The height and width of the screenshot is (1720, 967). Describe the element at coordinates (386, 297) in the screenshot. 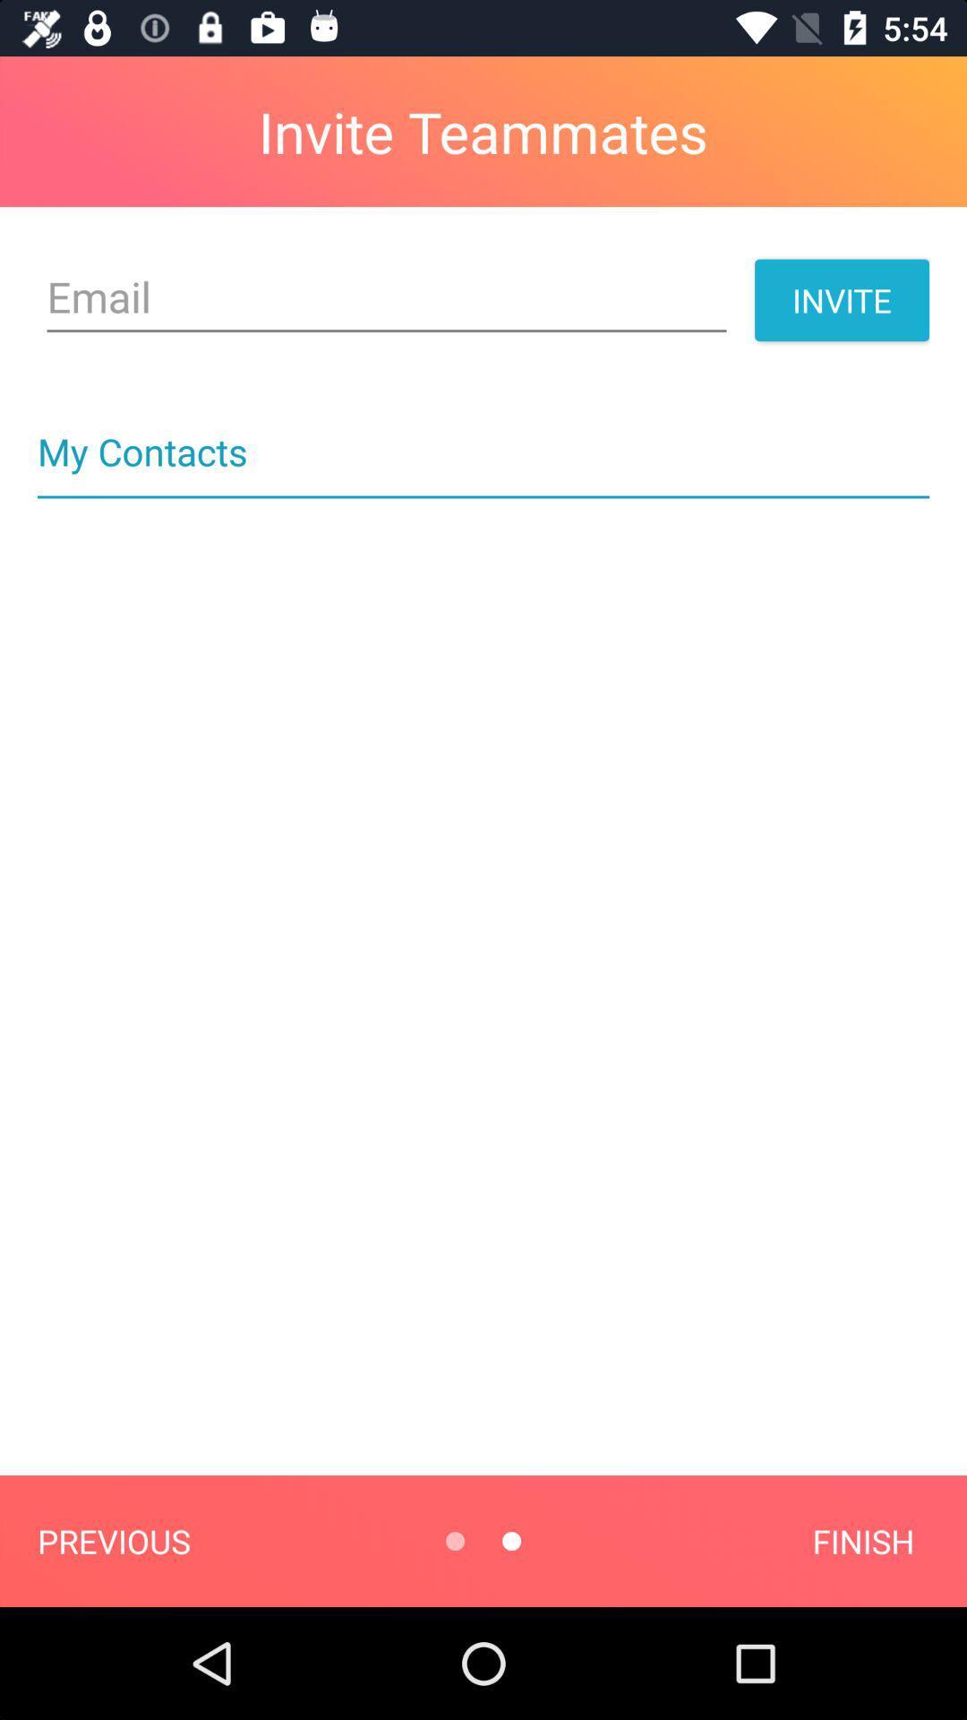

I see `icon next to invite item` at that location.